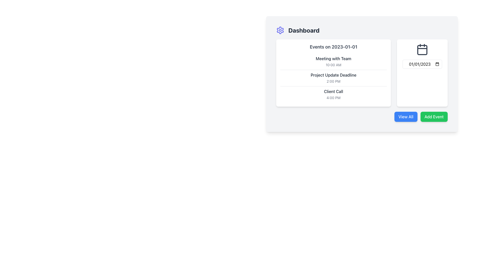  I want to click on the text label displaying 'Project Update Deadline' in dark gray, bold font, which is situated in the central calendar of the dashboard, so click(334, 75).